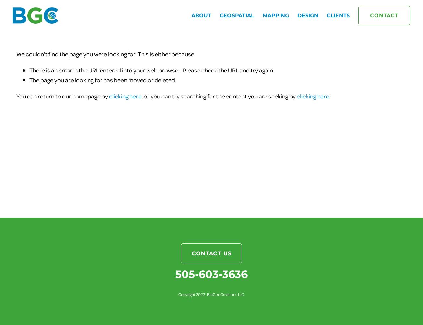 The image size is (423, 325). What do you see at coordinates (151, 70) in the screenshot?
I see `'There is an error in the URL entered into your web browser. Please check the URL and try again.'` at bounding box center [151, 70].